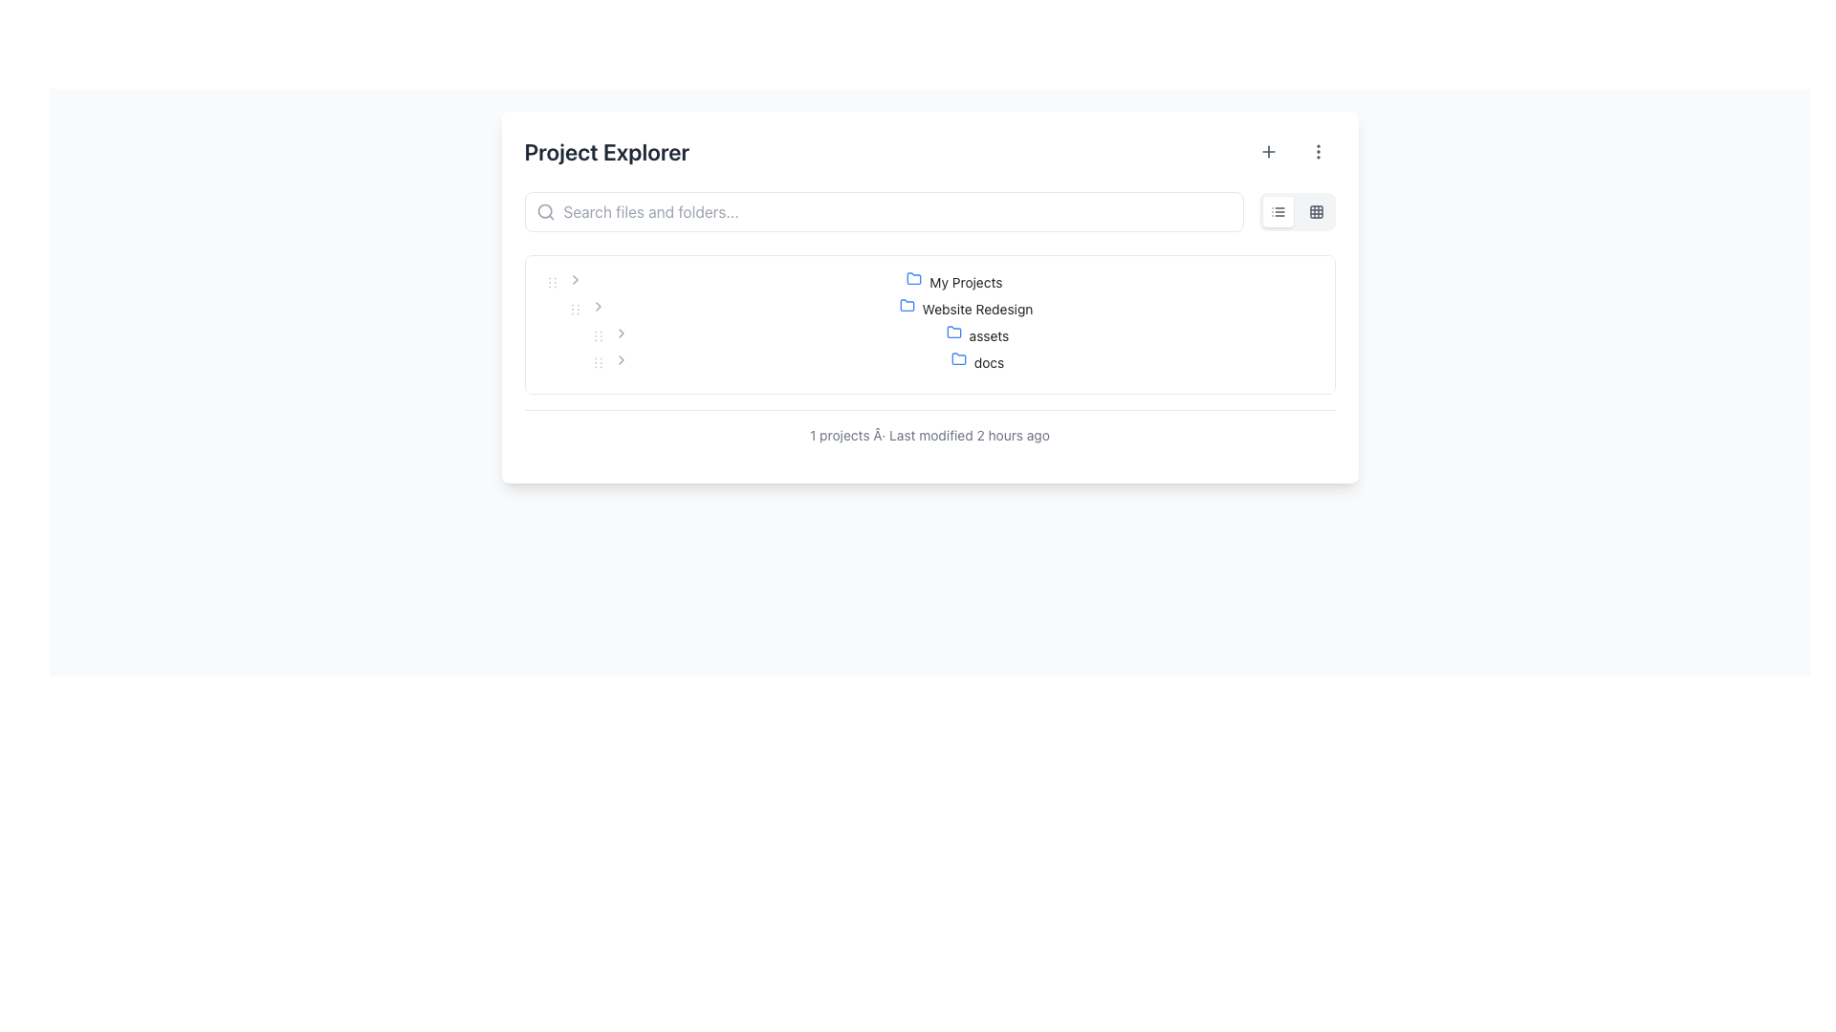 The width and height of the screenshot is (1836, 1032). I want to click on a folder within the Tree structure in the 'Project Explorer' section, so click(929, 323).